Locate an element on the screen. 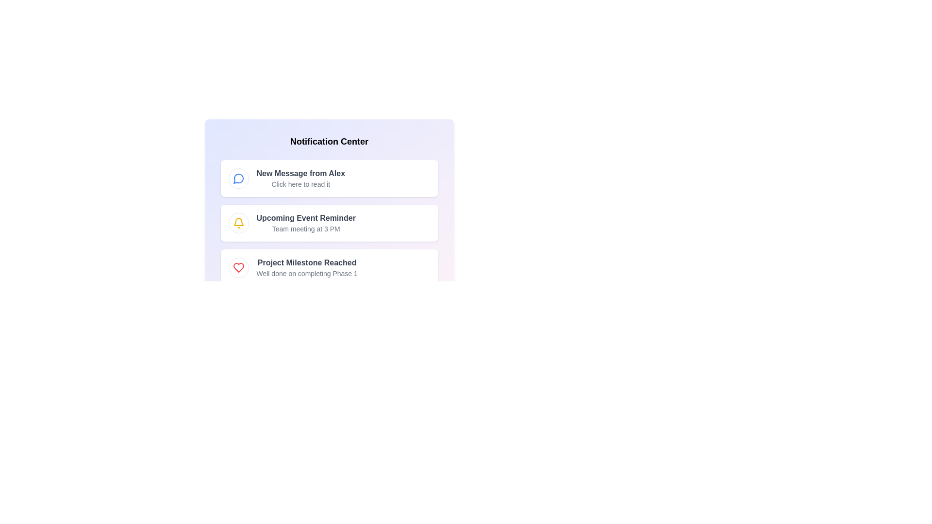 The width and height of the screenshot is (932, 524). the title of the notification 'New Message from Alex' to highlight it is located at coordinates (300, 173).